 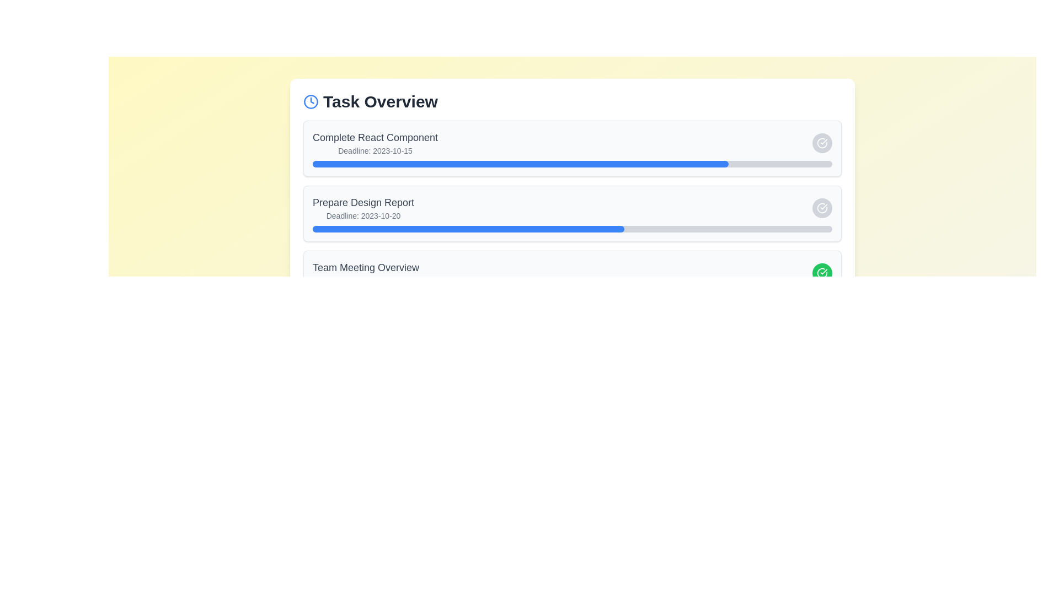 I want to click on the Text Label that informs users about the deadline for the task 'Prepare Design Report', located below the title and above the progress indicator bar, so click(x=363, y=216).